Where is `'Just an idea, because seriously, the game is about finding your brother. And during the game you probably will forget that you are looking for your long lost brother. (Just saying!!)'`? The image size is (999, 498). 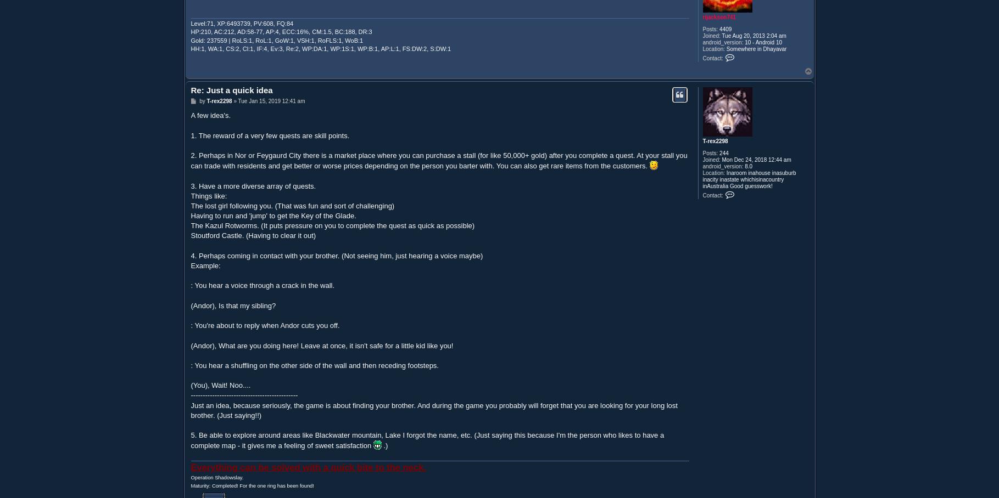
'Just an idea, because seriously, the game is about finding your brother. And during the game you probably will forget that you are looking for your long lost brother. (Just saying!!)' is located at coordinates (191, 410).